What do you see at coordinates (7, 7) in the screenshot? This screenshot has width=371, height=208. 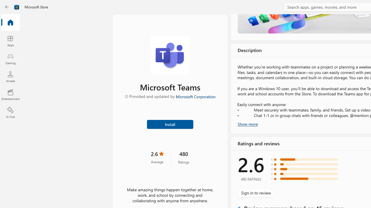 I see `'Back'` at bounding box center [7, 7].